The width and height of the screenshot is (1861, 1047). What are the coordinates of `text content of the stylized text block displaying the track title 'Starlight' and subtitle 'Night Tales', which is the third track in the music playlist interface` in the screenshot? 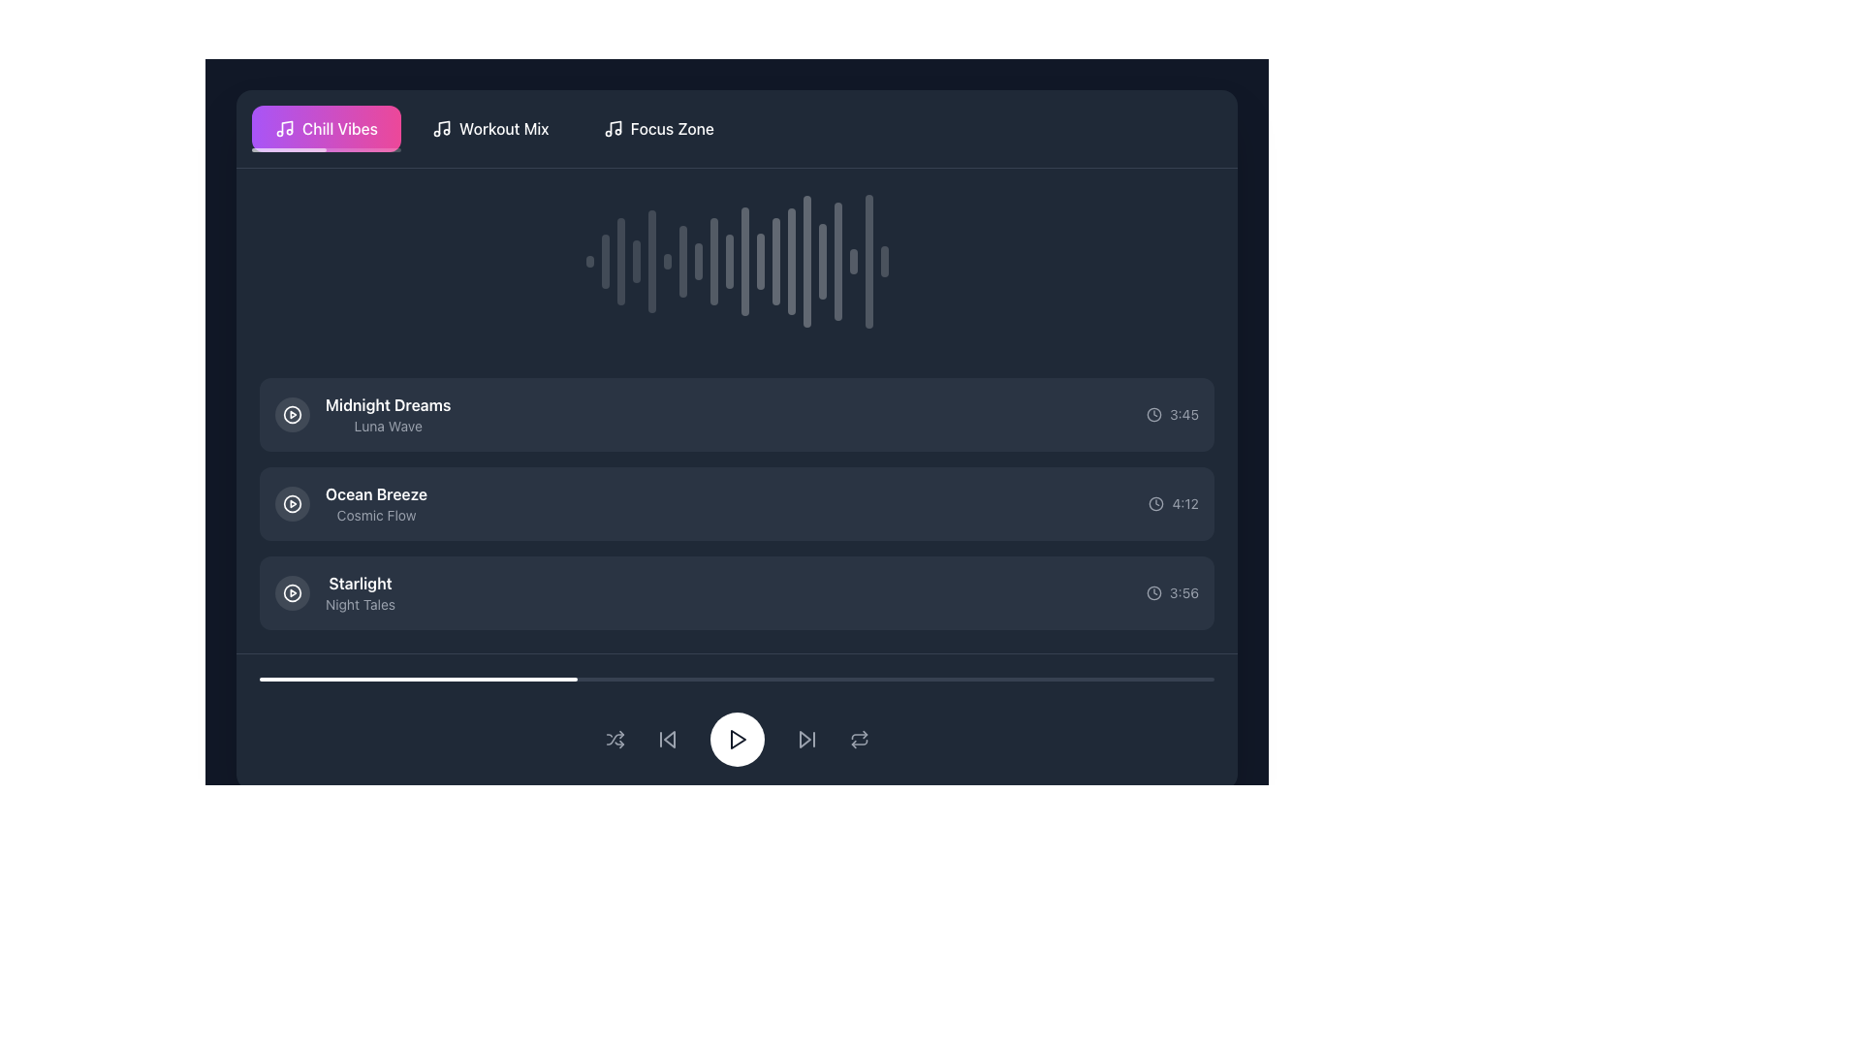 It's located at (334, 592).